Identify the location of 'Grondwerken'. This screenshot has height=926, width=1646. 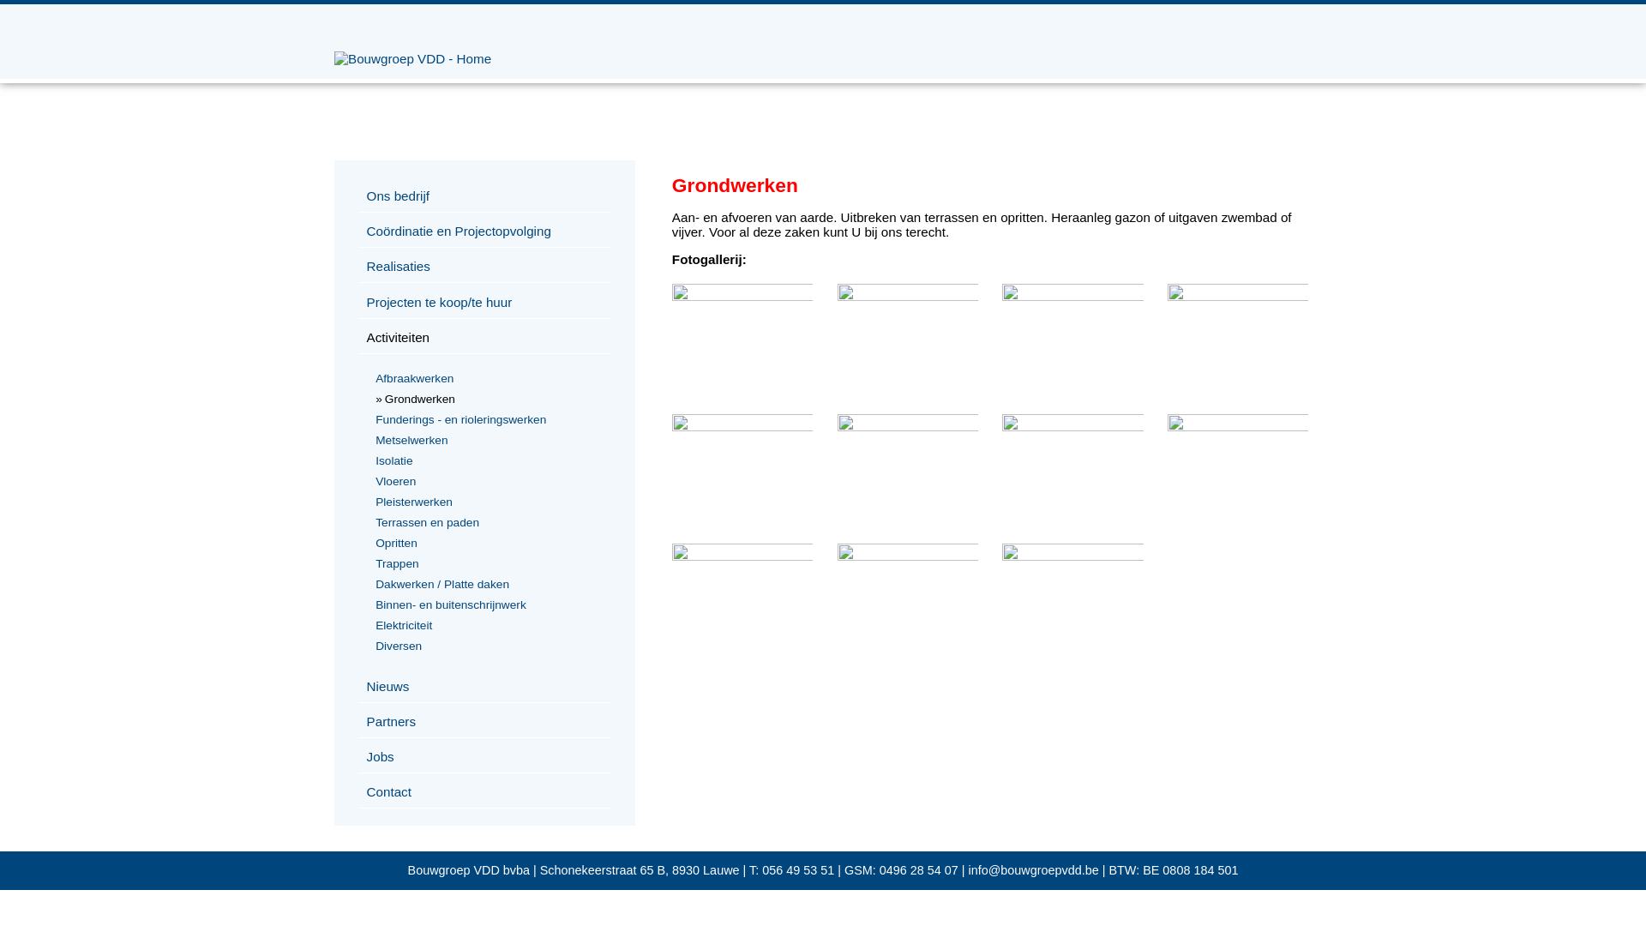
(1002, 295).